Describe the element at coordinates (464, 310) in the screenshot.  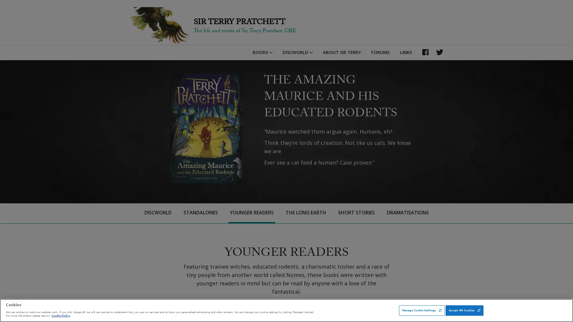
I see `Accept All Cookies` at that location.